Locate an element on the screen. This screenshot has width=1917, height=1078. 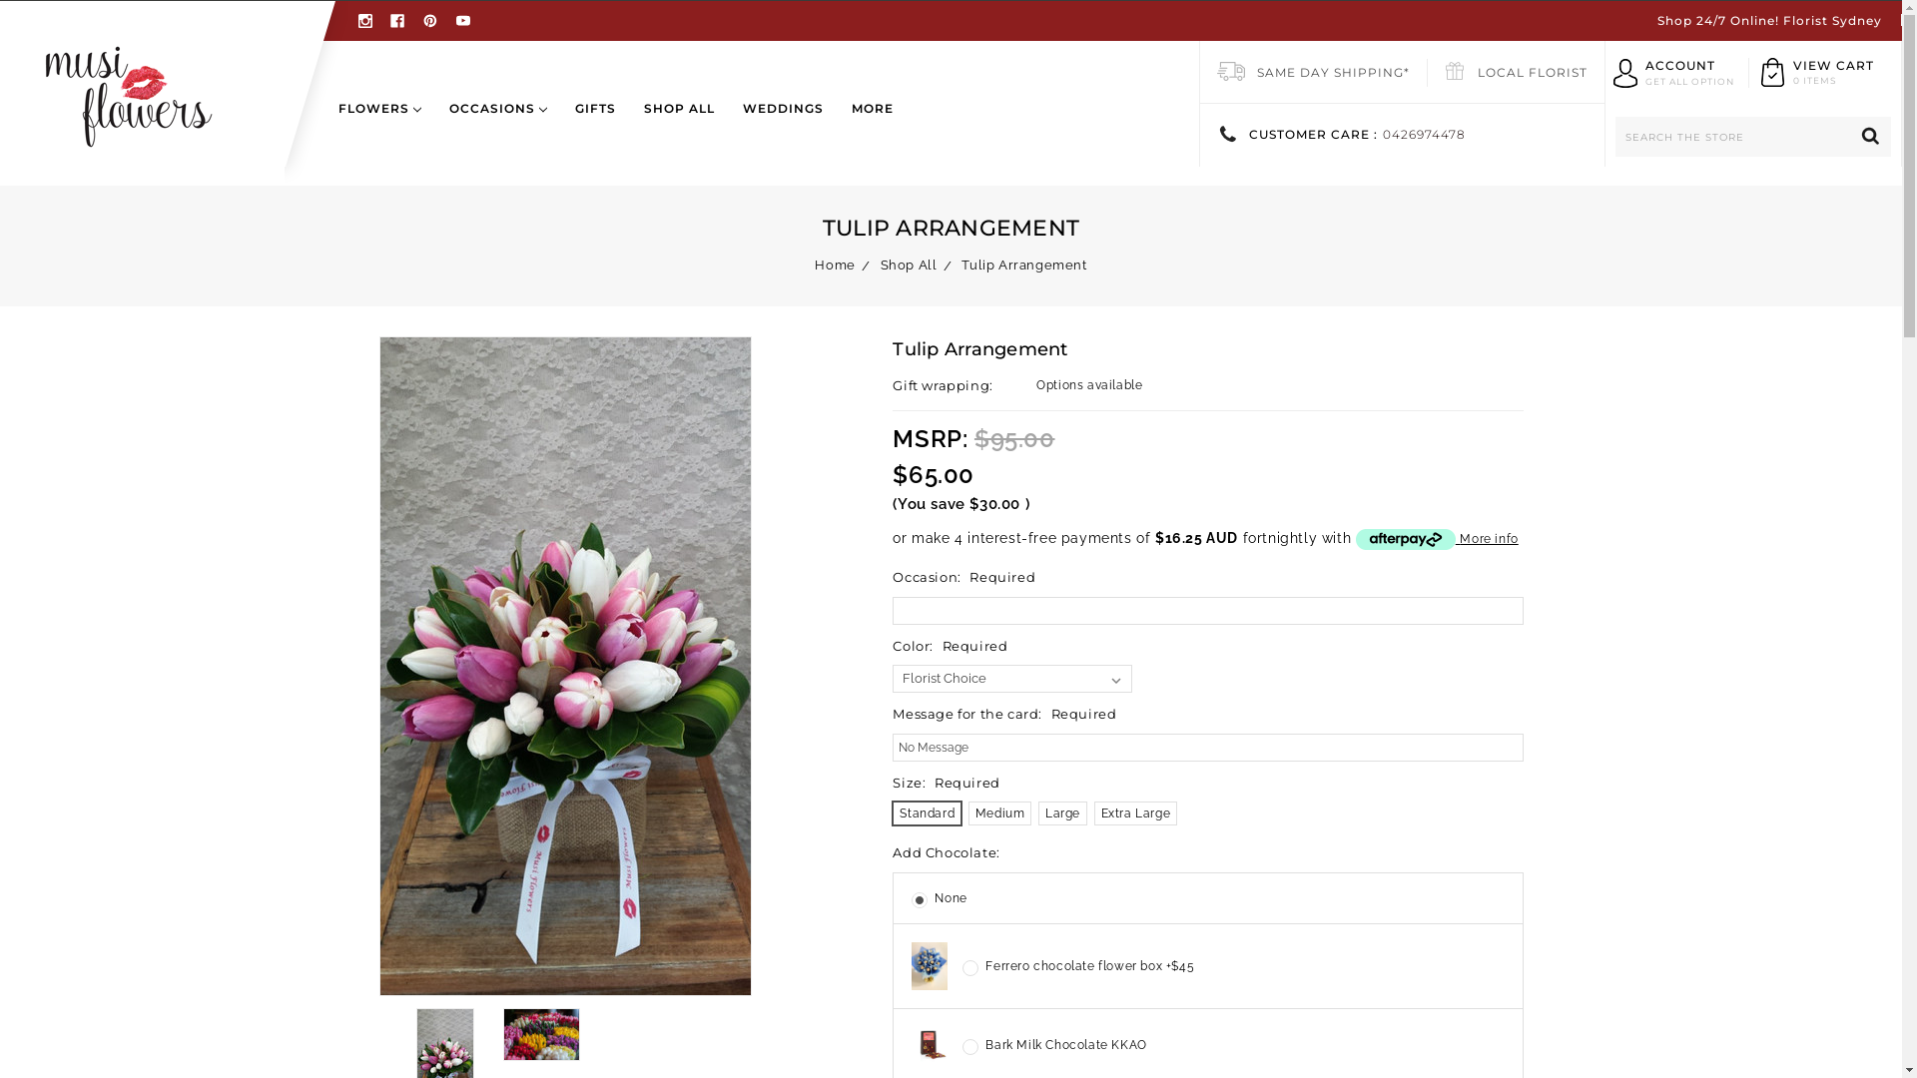
'VIEW CART is located at coordinates (1833, 72).